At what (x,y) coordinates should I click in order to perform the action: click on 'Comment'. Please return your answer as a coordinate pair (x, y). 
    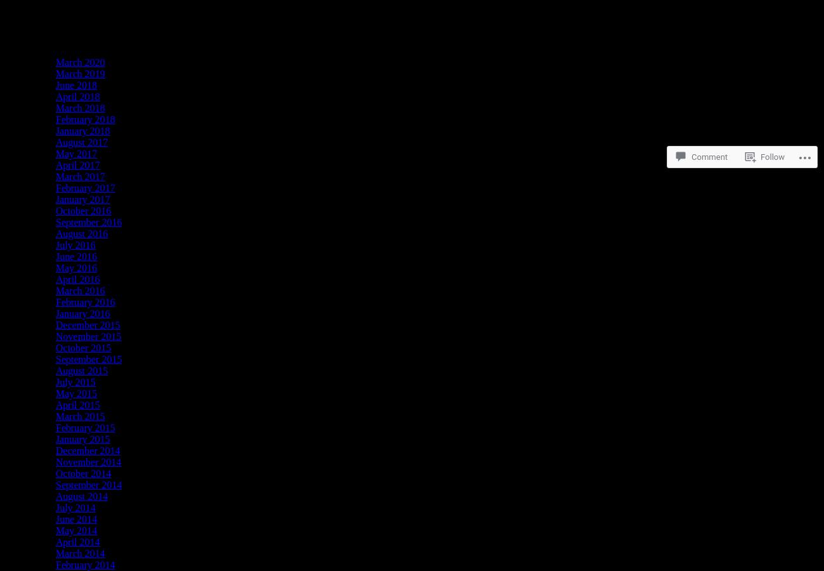
    Looking at the image, I should click on (709, 109).